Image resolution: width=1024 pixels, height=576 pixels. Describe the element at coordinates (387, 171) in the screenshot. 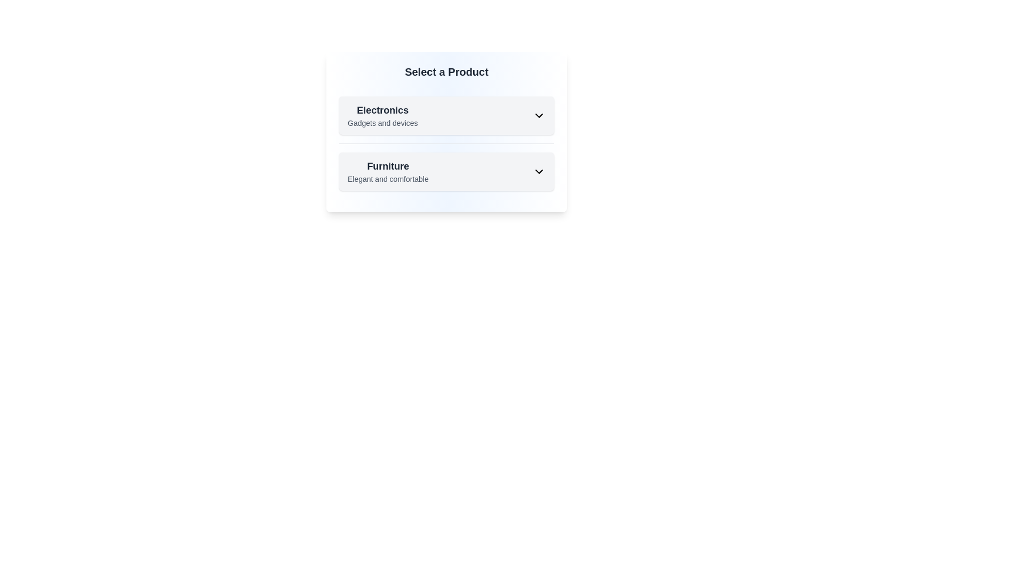

I see `the List item displaying 'Furniture' with bold text on the first line and smaller gray text 'Elegant and comfortable' on the second line, located in the second card below the 'Electronics' card` at that location.